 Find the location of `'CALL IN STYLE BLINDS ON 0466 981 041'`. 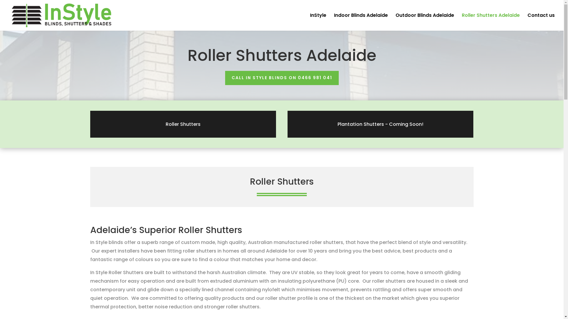

'CALL IN STYLE BLINDS ON 0466 981 041' is located at coordinates (281, 77).